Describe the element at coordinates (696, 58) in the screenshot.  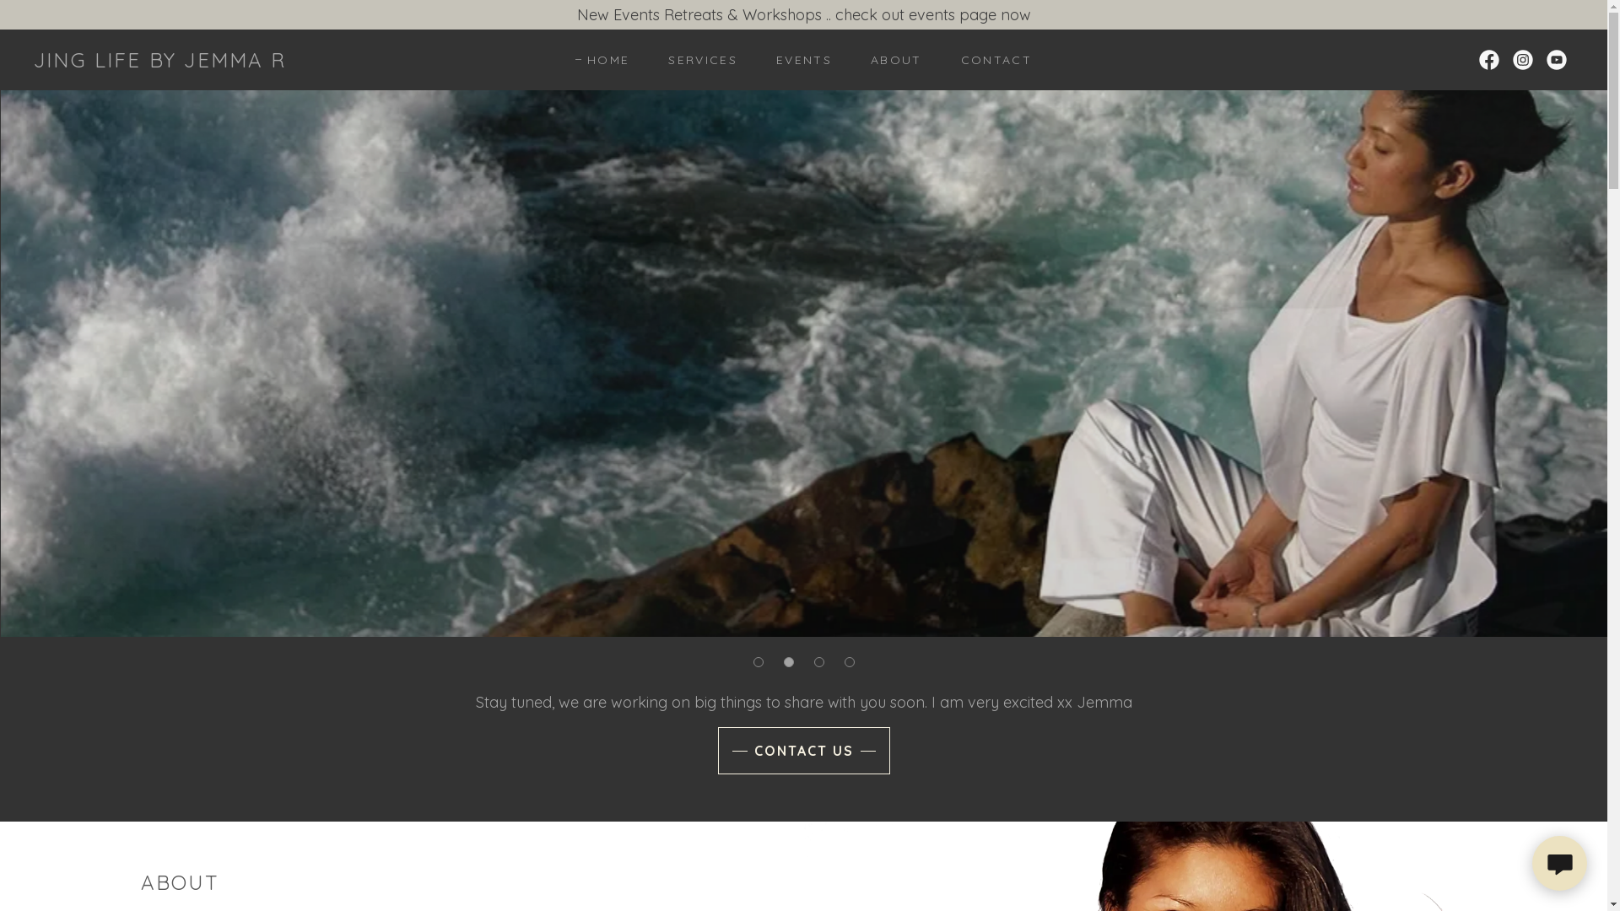
I see `'SERVICES'` at that location.